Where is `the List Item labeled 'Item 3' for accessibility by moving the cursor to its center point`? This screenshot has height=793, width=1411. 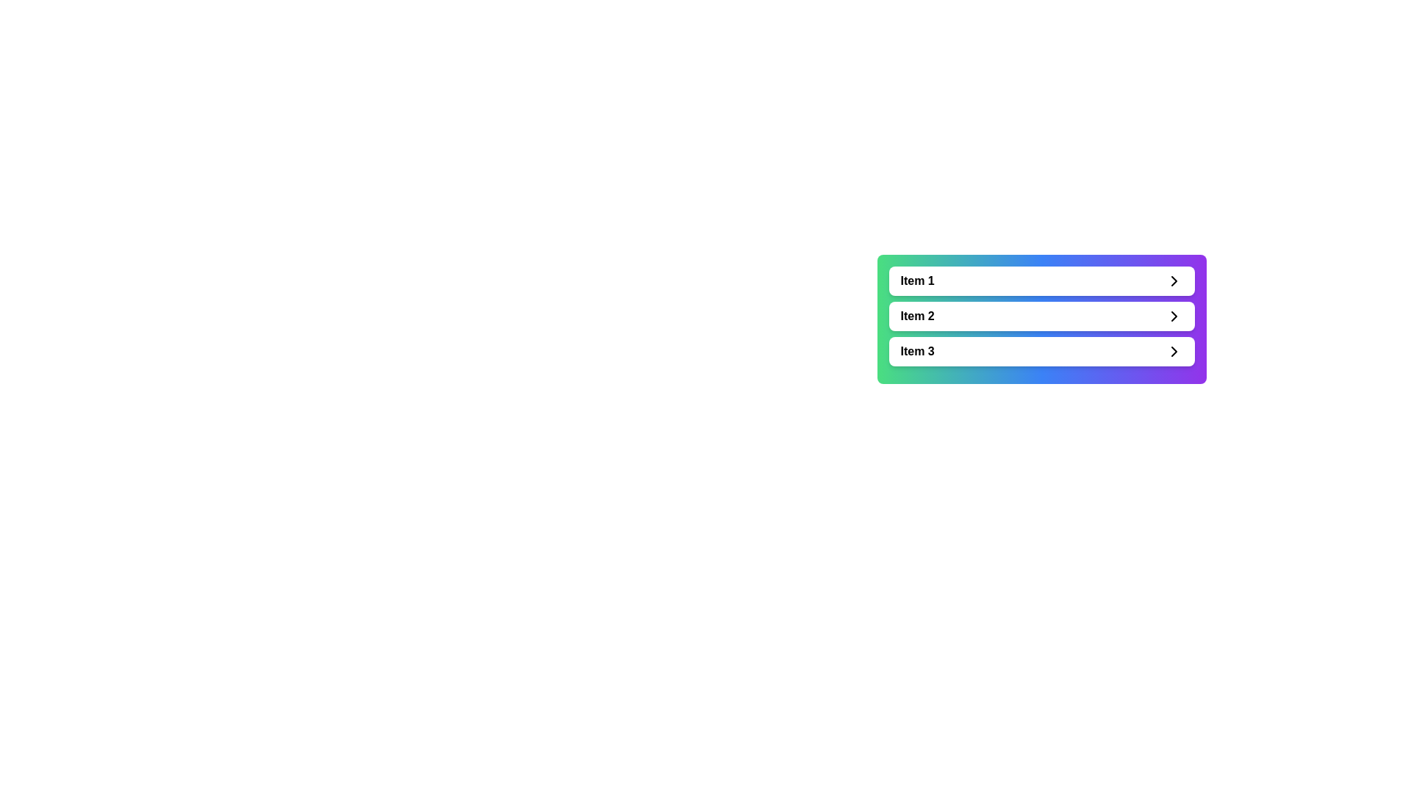
the List Item labeled 'Item 3' for accessibility by moving the cursor to its center point is located at coordinates (1041, 351).